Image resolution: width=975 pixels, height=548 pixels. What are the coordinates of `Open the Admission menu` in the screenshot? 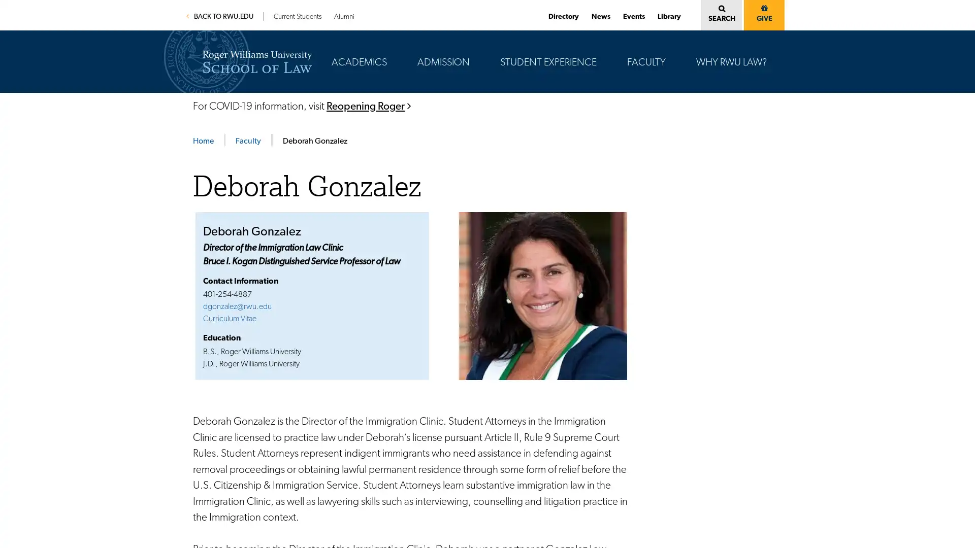 It's located at (473, 32).